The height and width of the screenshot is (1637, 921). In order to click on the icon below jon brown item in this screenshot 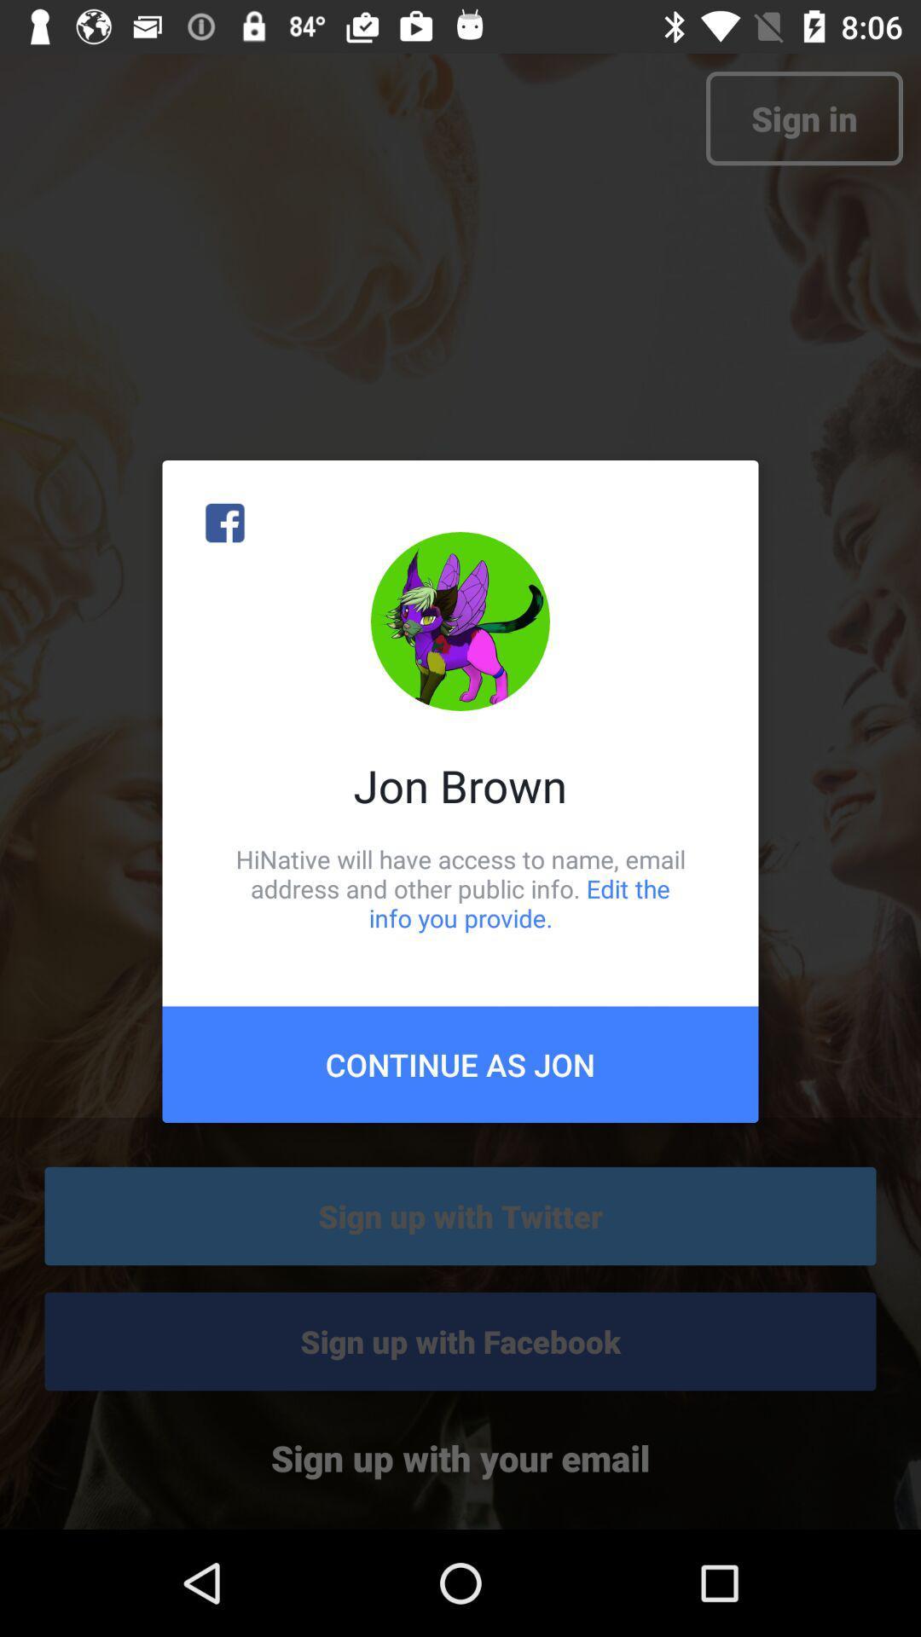, I will do `click(460, 888)`.